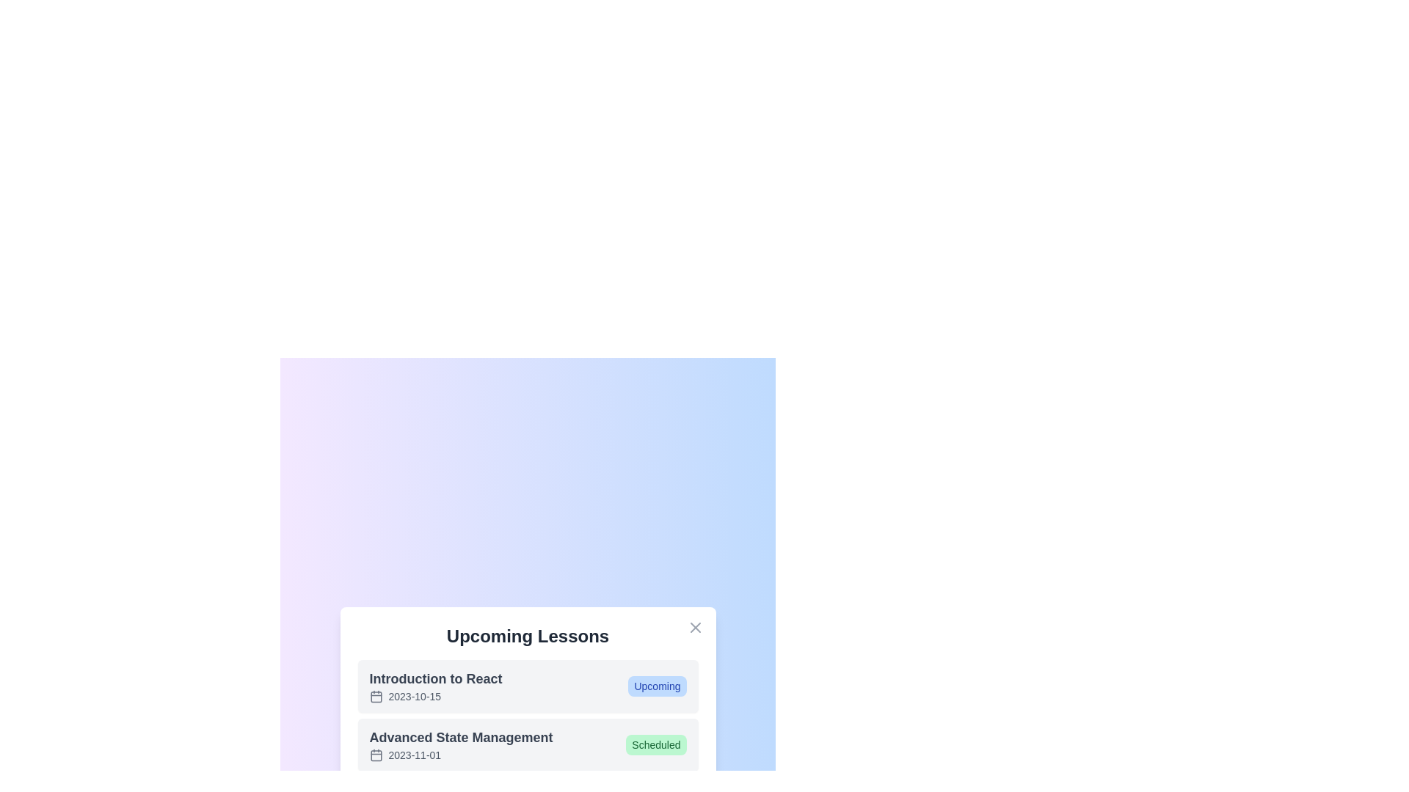  I want to click on the close button to close the dialog, so click(694, 627).